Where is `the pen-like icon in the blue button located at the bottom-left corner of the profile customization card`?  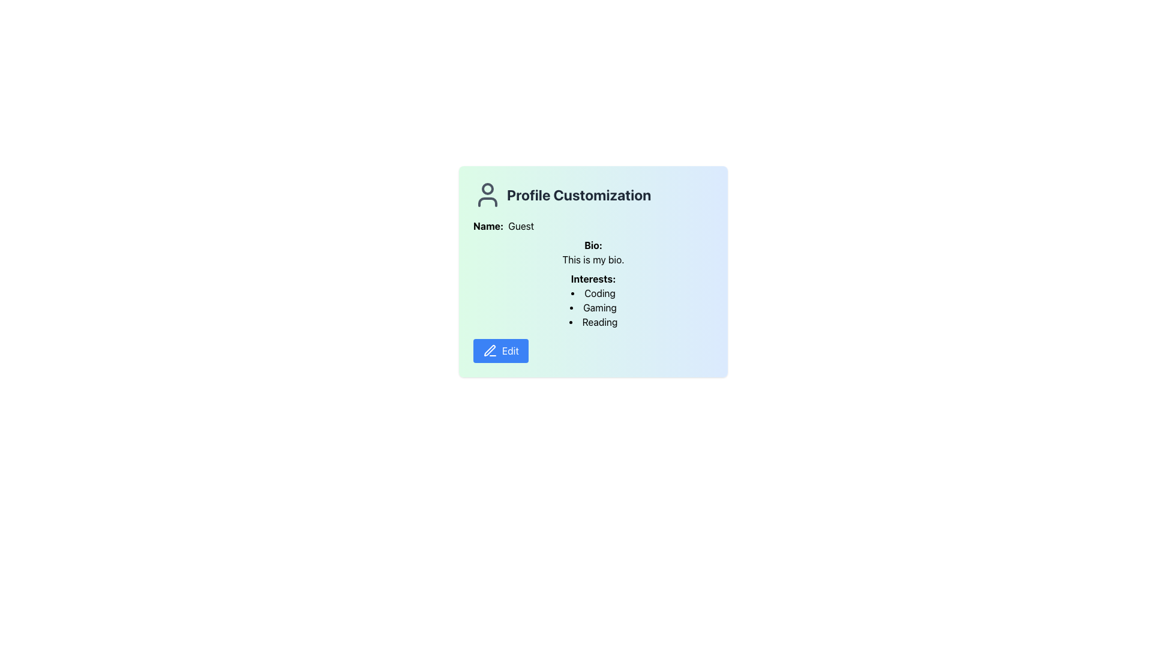 the pen-like icon in the blue button located at the bottom-left corner of the profile customization card is located at coordinates (490, 350).